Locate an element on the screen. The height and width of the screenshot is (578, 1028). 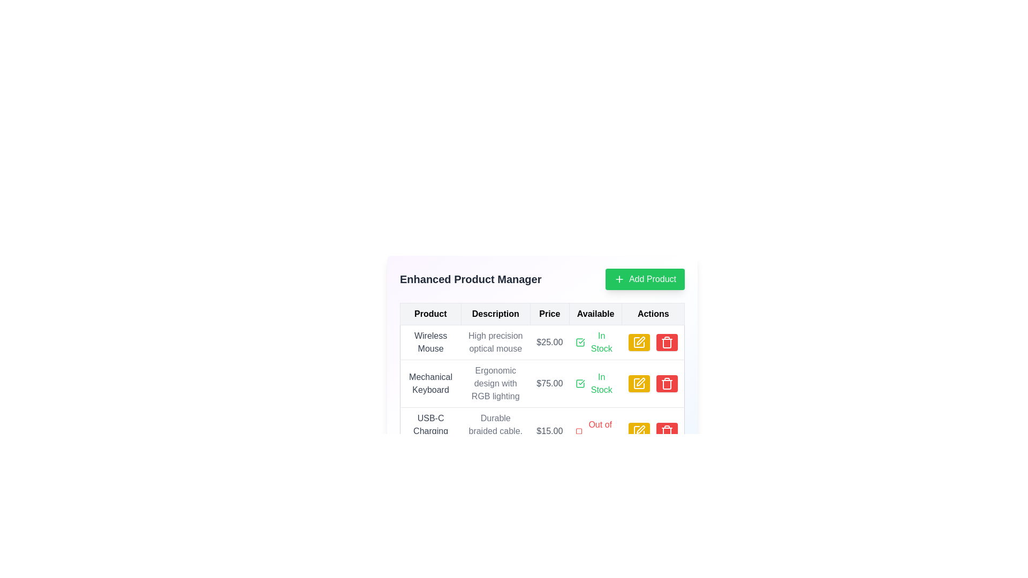
the text label displaying 'Mechanical Keyboard' located in the second row of the 'Product' column in the table is located at coordinates (430, 383).